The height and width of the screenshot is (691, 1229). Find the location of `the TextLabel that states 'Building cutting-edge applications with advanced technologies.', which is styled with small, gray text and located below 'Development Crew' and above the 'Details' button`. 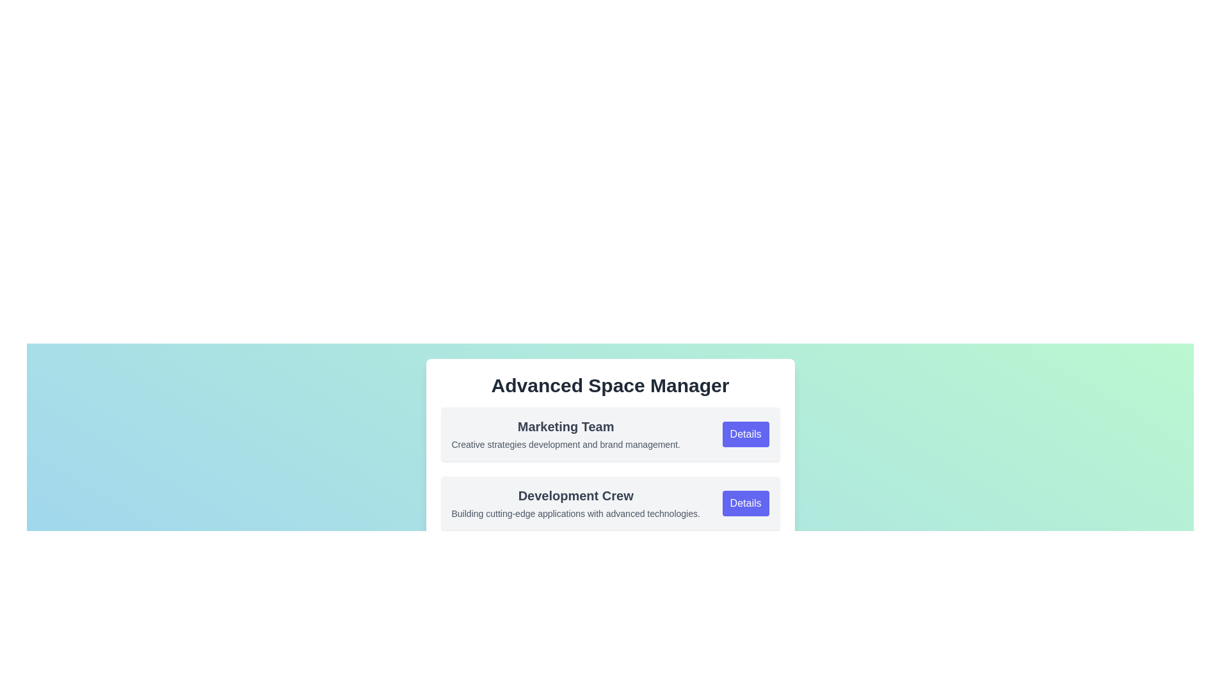

the TextLabel that states 'Building cutting-edge applications with advanced technologies.', which is styled with small, gray text and located below 'Development Crew' and above the 'Details' button is located at coordinates (575, 512).